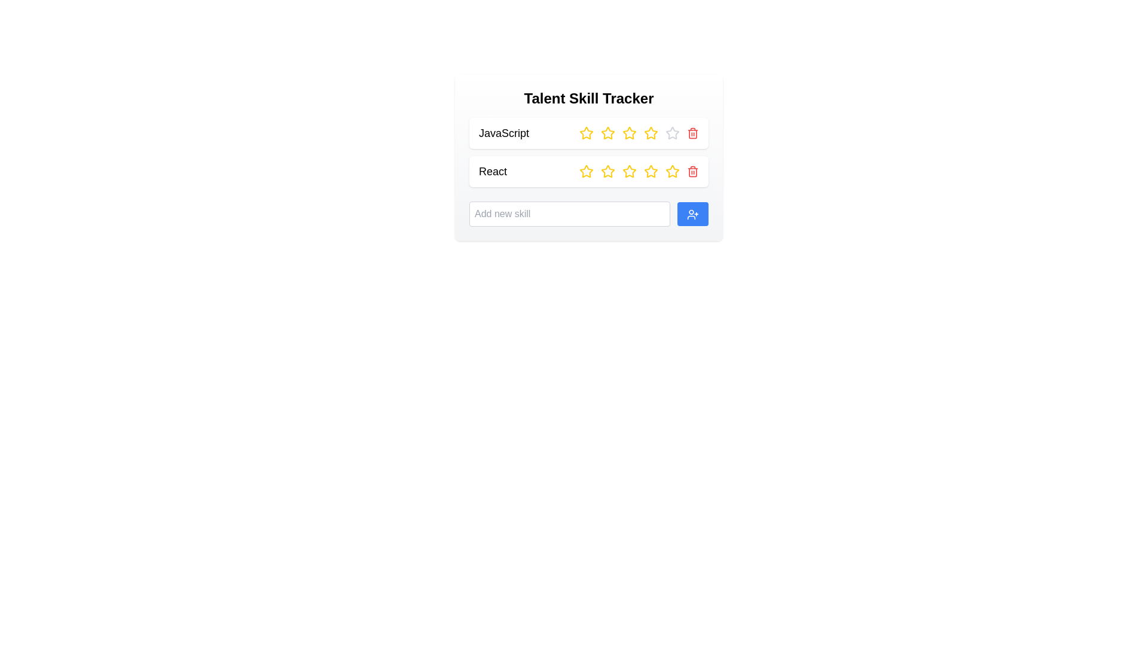 Image resolution: width=1148 pixels, height=646 pixels. What do you see at coordinates (651, 171) in the screenshot?
I see `the fifth star icon in the rating row labeled 'React' on the 'Talent Skill Tracker' card` at bounding box center [651, 171].